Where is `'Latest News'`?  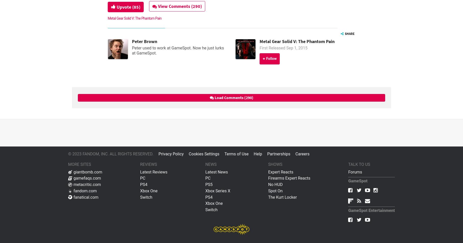 'Latest News' is located at coordinates (216, 171).